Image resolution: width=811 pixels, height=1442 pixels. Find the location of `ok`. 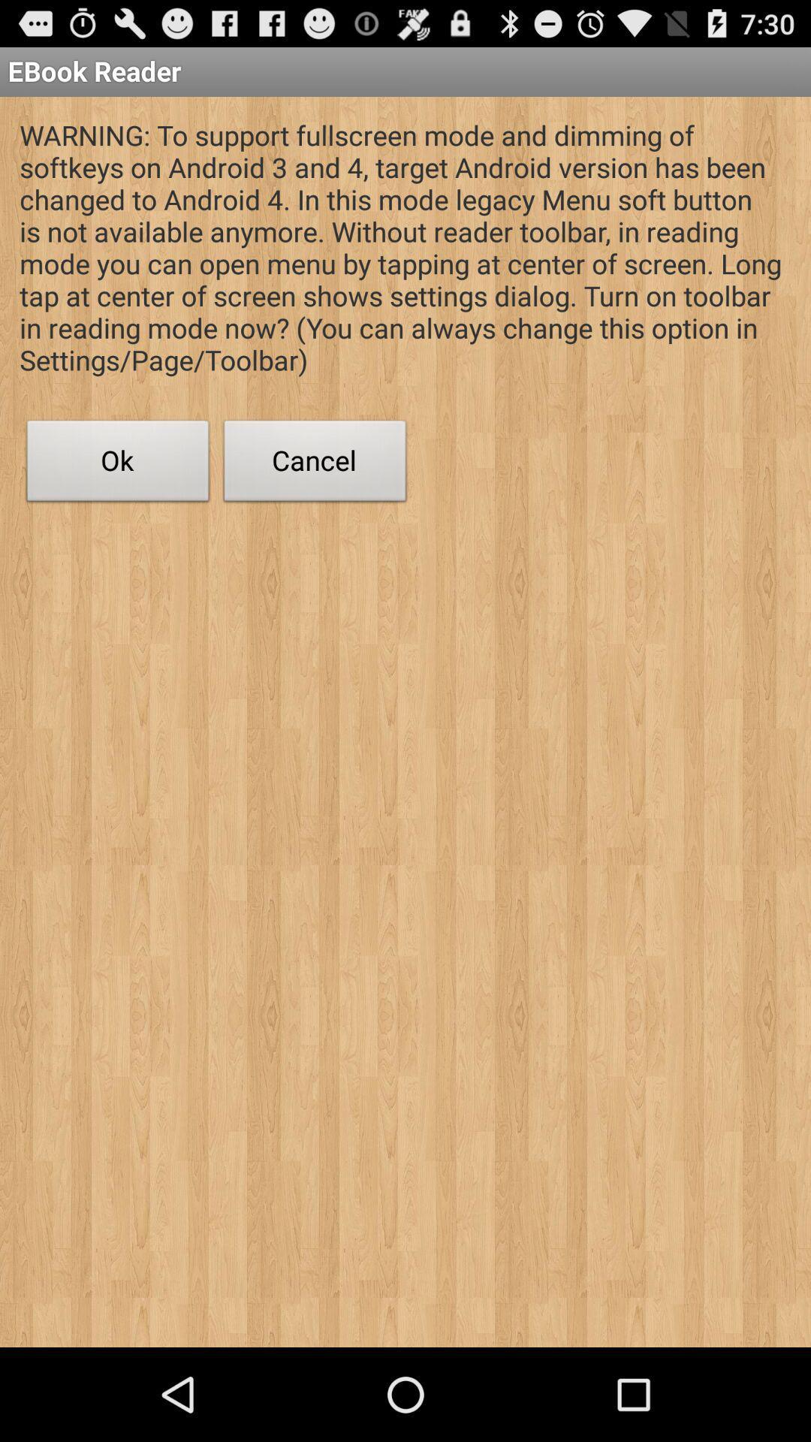

ok is located at coordinates (117, 464).